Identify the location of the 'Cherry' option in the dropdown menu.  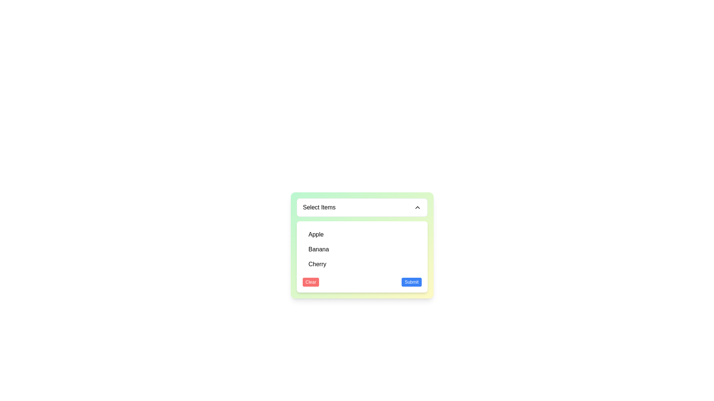
(317, 264).